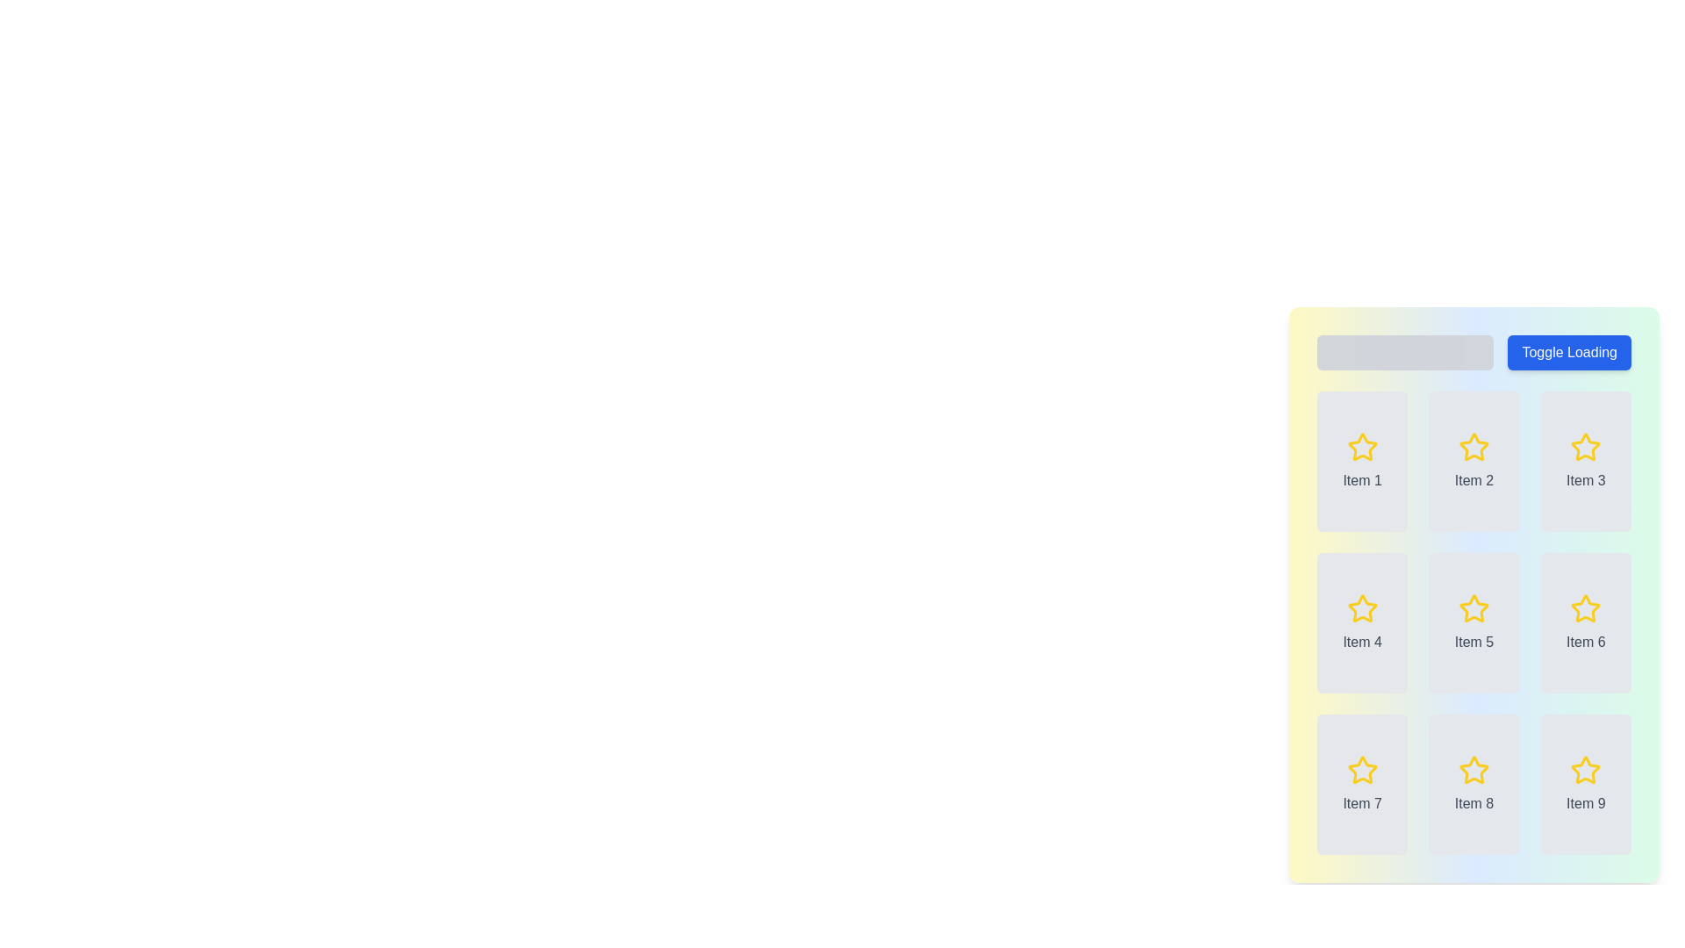  Describe the element at coordinates (1586, 770) in the screenshot. I see `the star icon that serves as a rating or selection indicator for Item 9, located in the bottom-right cell of the 3x3 grid layout` at that location.